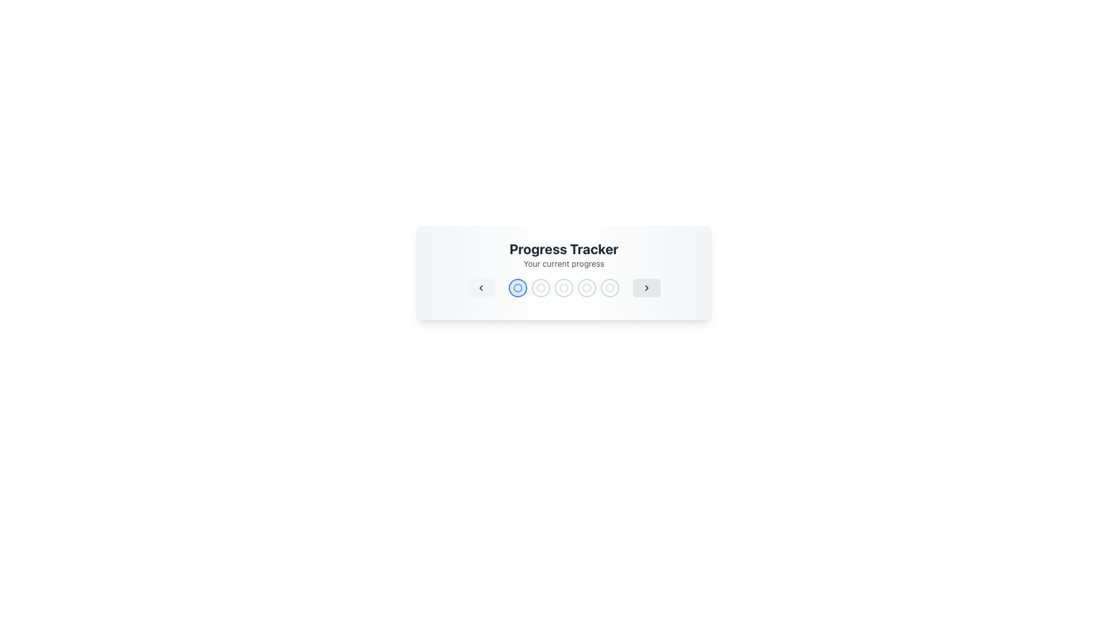 Image resolution: width=1105 pixels, height=621 pixels. I want to click on the first circular progress indicator located under the 'Progress Tracker' title, so click(517, 287).